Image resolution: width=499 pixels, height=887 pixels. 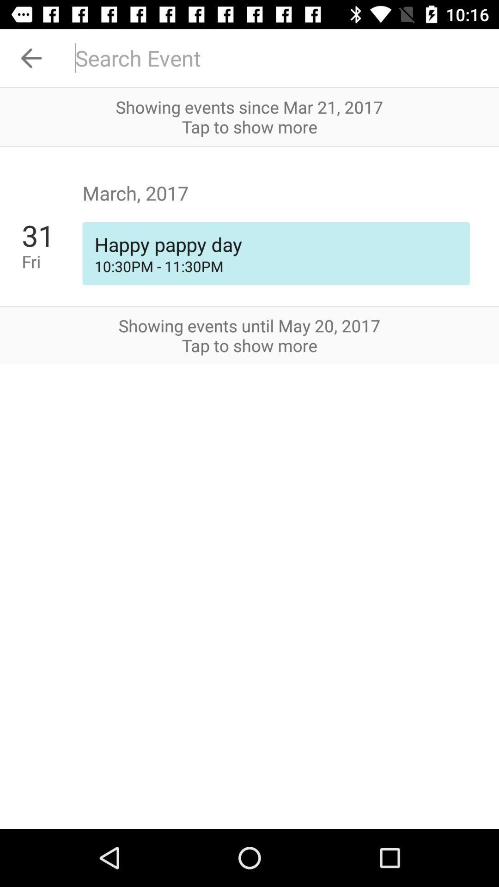 What do you see at coordinates (275, 266) in the screenshot?
I see `the item below the happy pappy day item` at bounding box center [275, 266].